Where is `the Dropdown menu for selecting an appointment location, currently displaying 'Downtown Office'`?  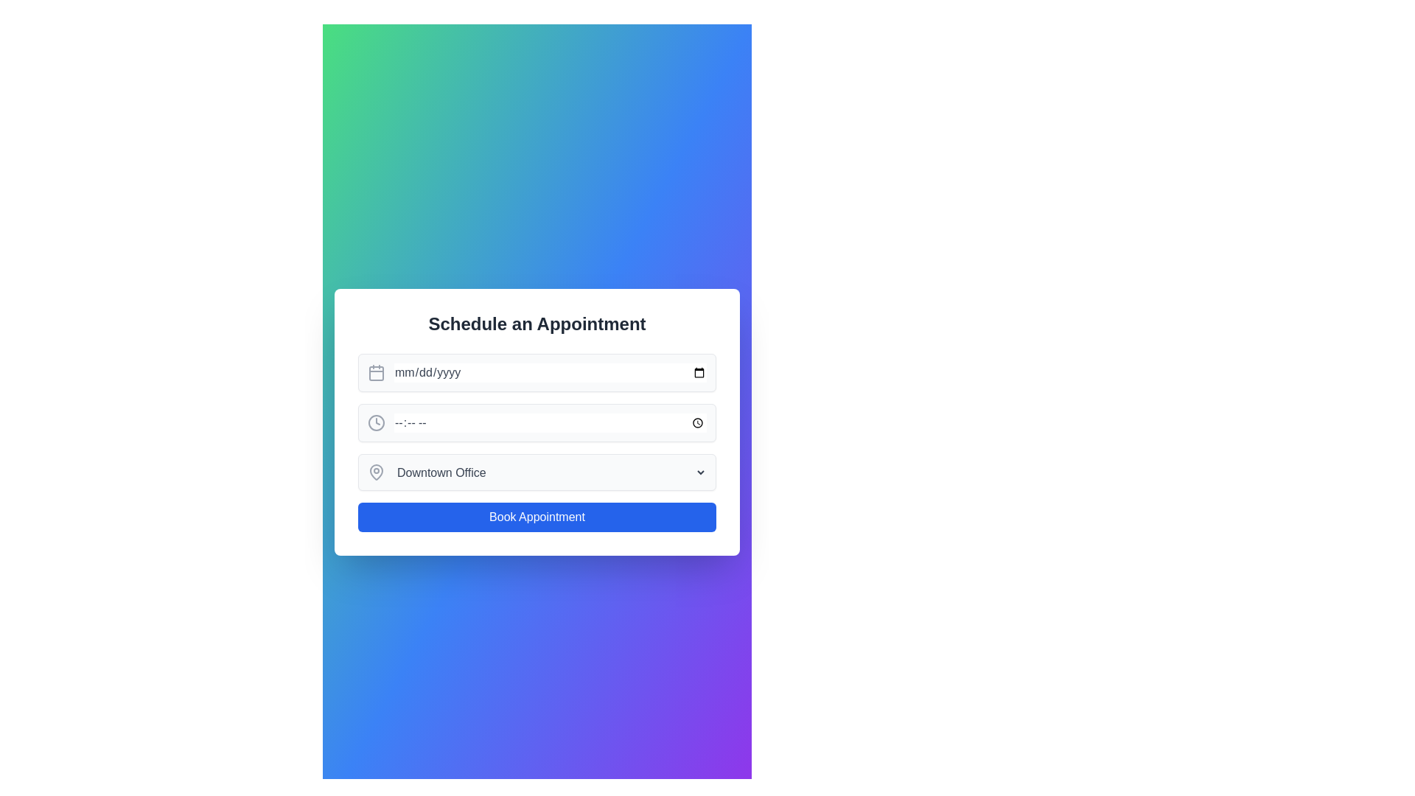
the Dropdown menu for selecting an appointment location, currently displaying 'Downtown Office' is located at coordinates (537, 472).